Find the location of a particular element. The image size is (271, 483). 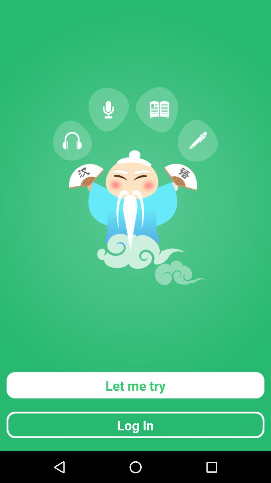

icon below let me try button is located at coordinates (135, 425).